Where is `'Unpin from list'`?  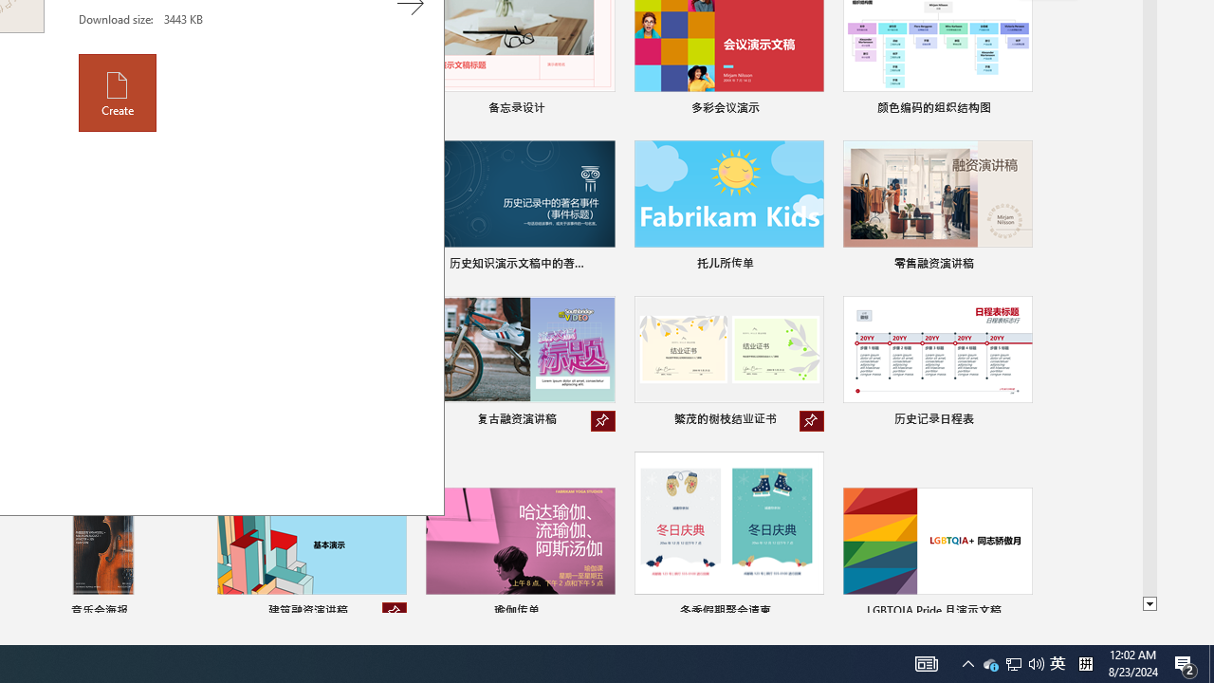 'Unpin from list' is located at coordinates (394, 612).